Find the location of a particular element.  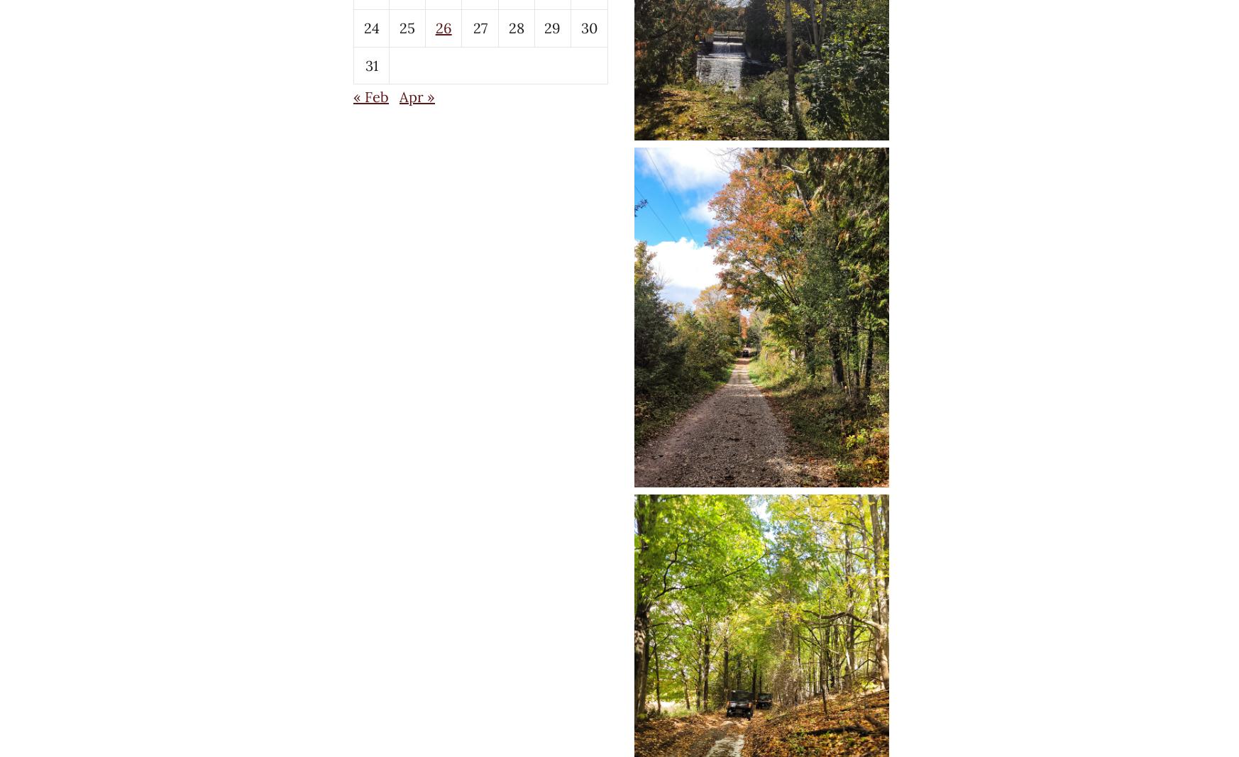

'31' is located at coordinates (370, 64).